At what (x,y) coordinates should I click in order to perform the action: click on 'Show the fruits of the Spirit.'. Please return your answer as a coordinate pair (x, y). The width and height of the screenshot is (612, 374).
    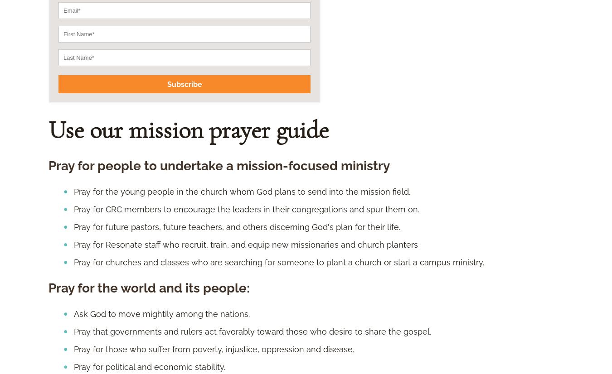
    Looking at the image, I should click on (127, 194).